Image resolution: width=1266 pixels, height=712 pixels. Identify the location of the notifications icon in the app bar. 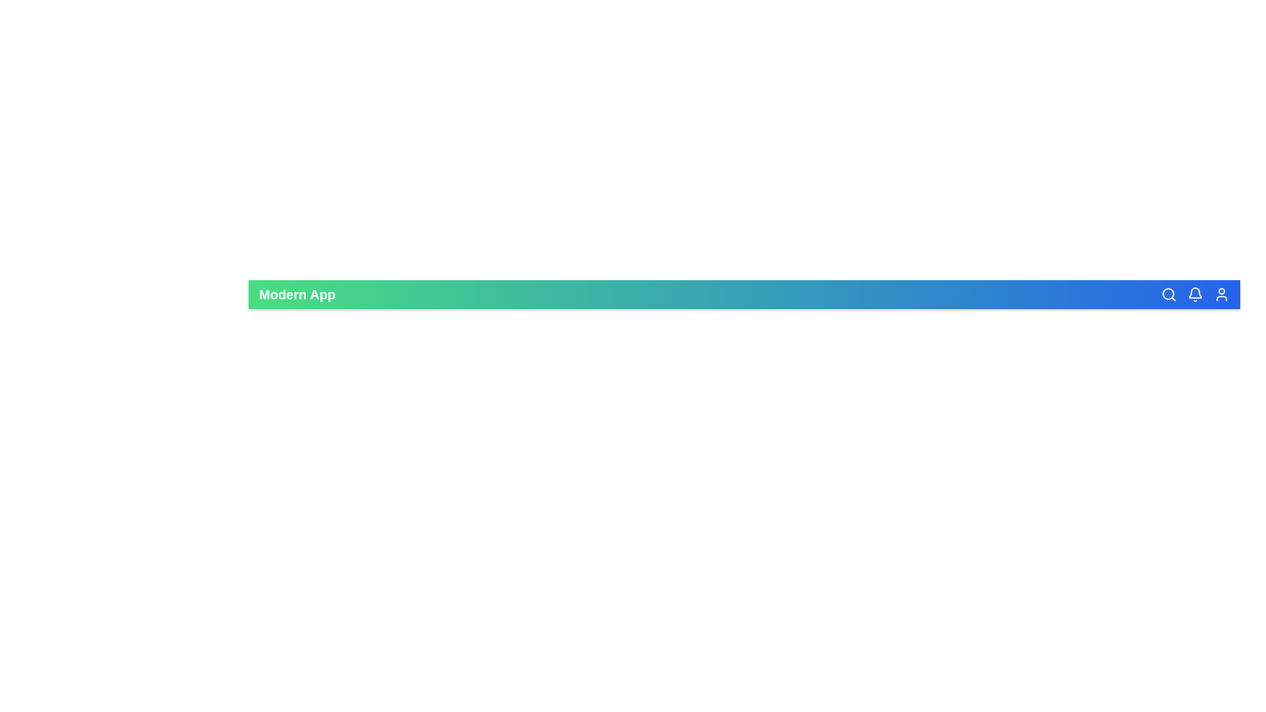
(1195, 294).